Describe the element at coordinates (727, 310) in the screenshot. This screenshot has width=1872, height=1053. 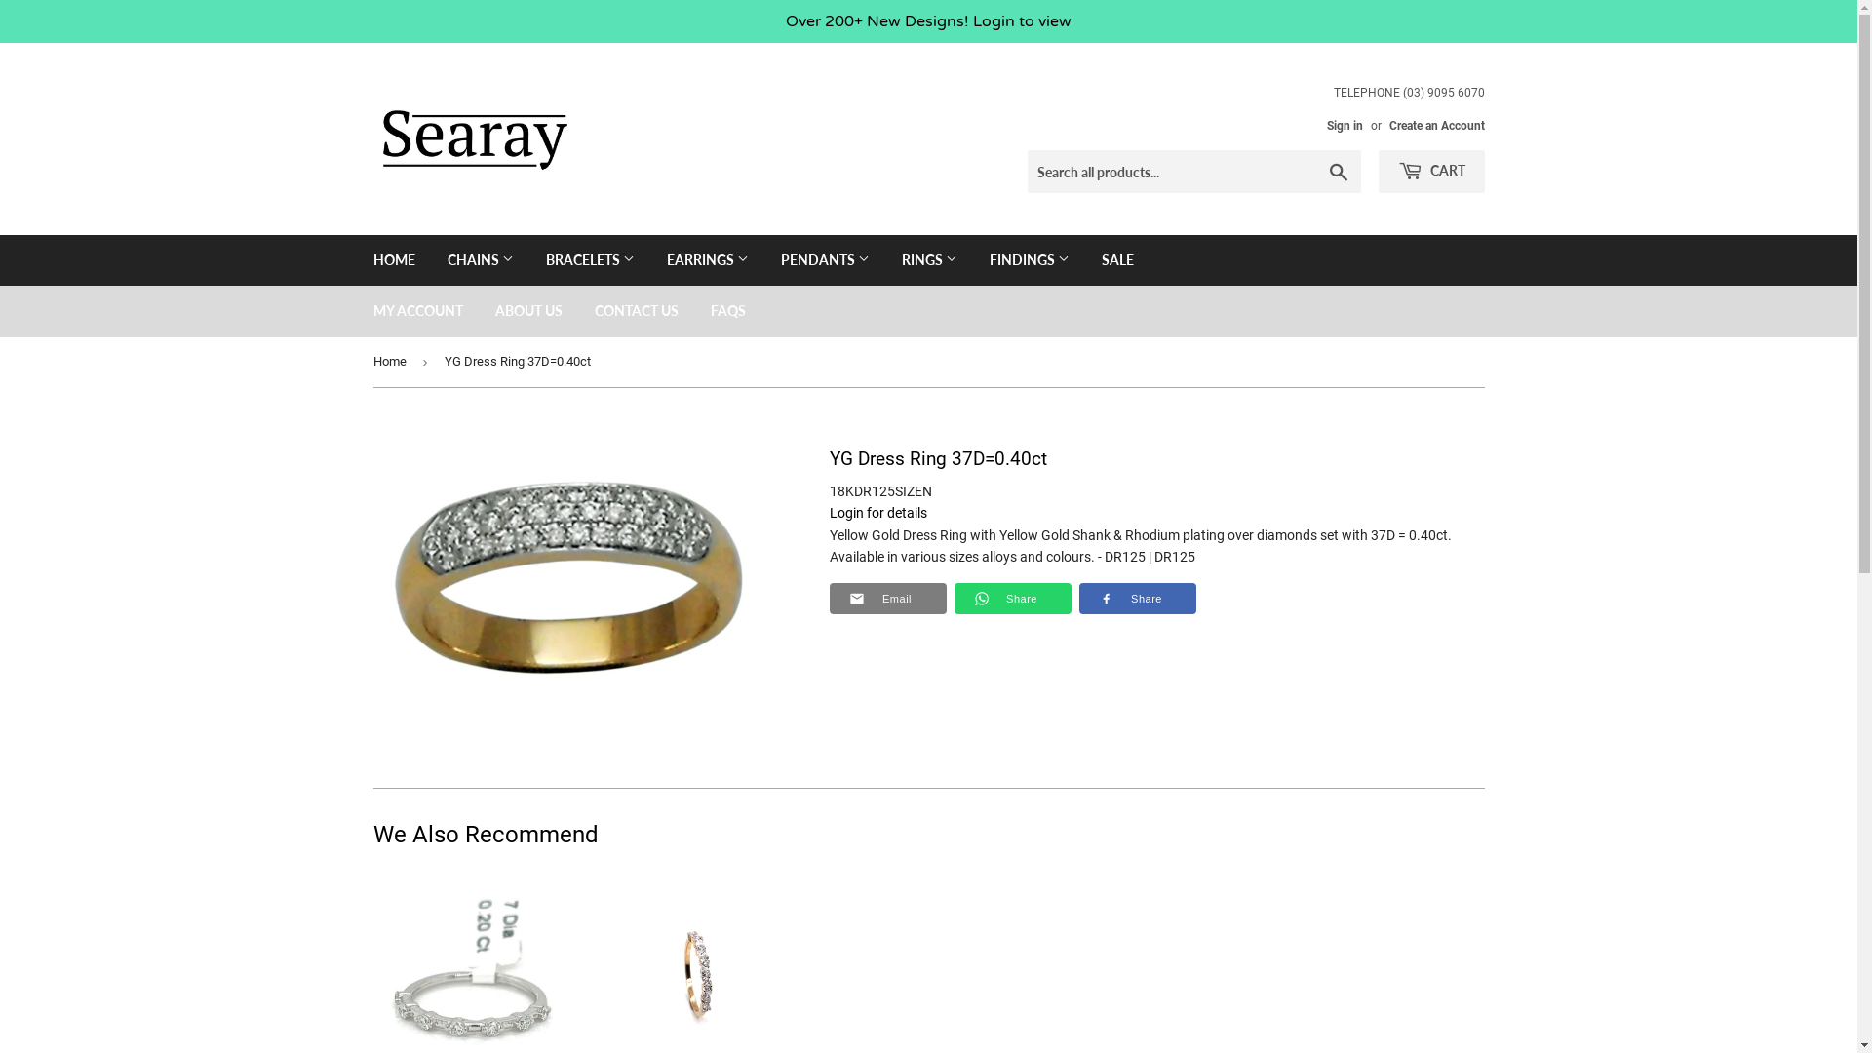
I see `'FAQS'` at that location.